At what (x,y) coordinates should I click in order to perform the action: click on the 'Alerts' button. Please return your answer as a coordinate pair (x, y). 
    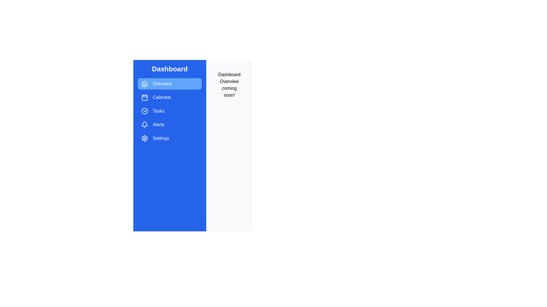
    Looking at the image, I should click on (169, 125).